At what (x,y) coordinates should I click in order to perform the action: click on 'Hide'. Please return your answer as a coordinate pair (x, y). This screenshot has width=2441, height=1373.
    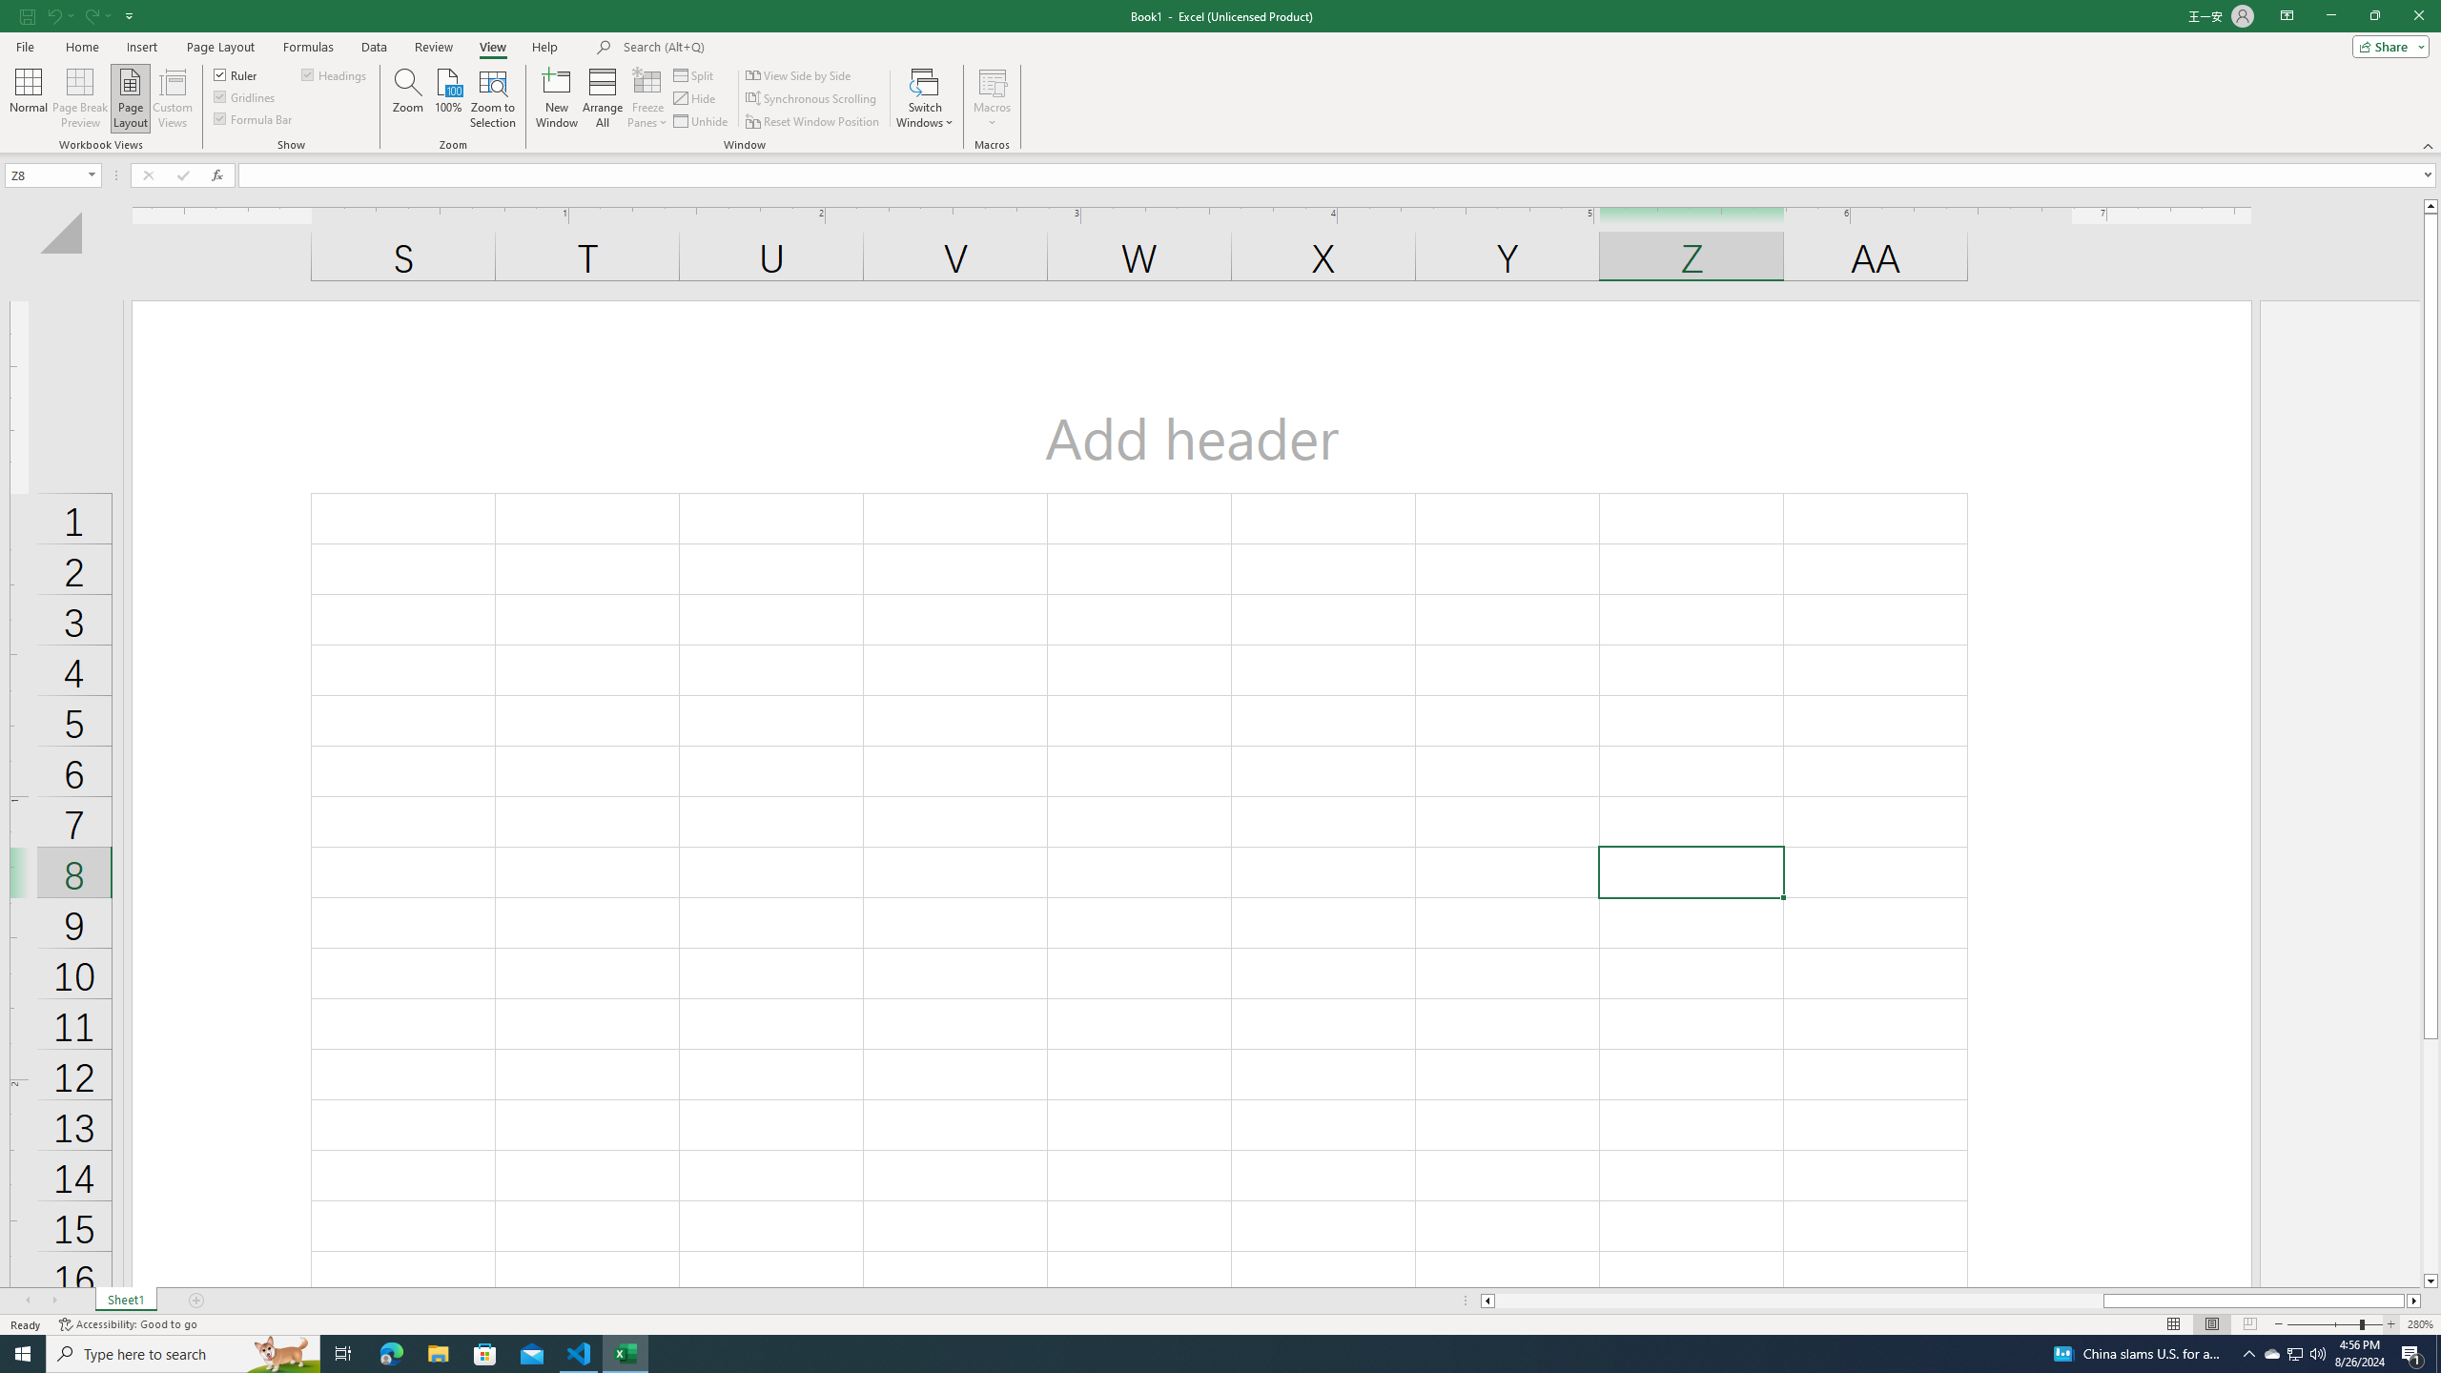
    Looking at the image, I should click on (695, 98).